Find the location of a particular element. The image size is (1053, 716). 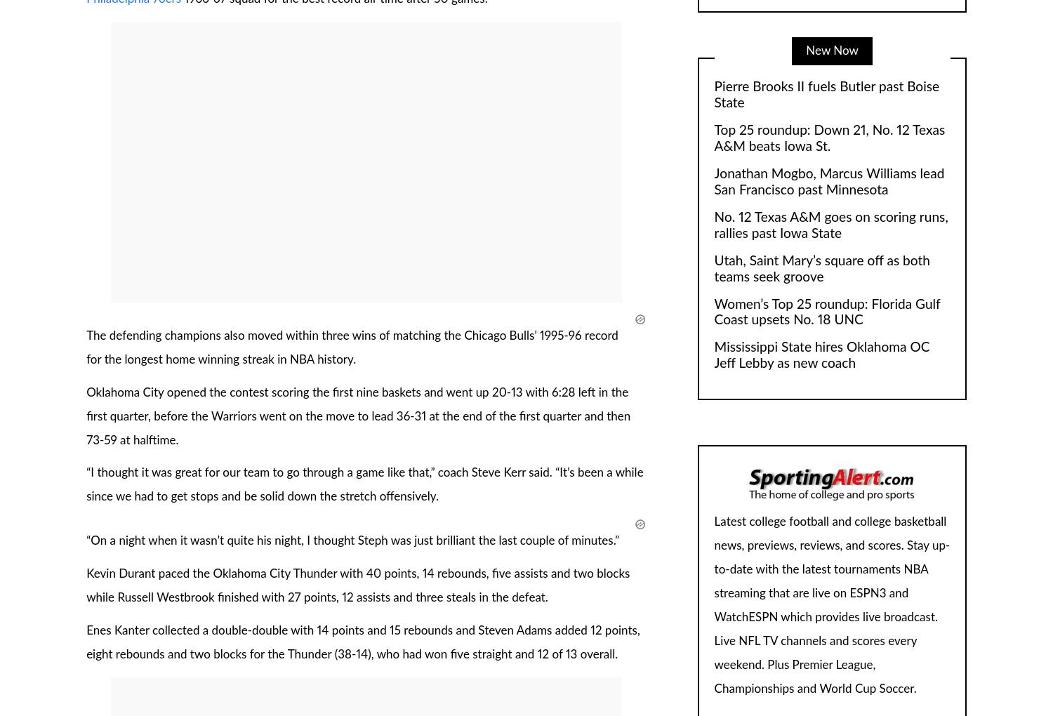

'Pierre Brooks II fuels Butler past Boise State' is located at coordinates (826, 95).